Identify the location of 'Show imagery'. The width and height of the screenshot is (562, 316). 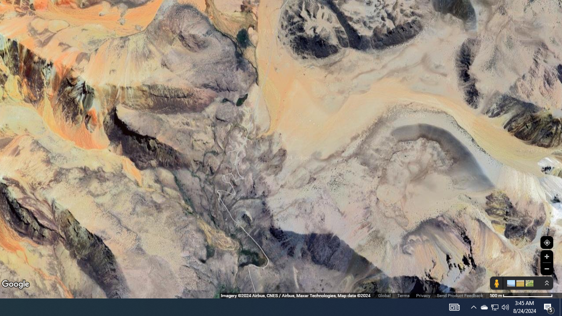
(528, 283).